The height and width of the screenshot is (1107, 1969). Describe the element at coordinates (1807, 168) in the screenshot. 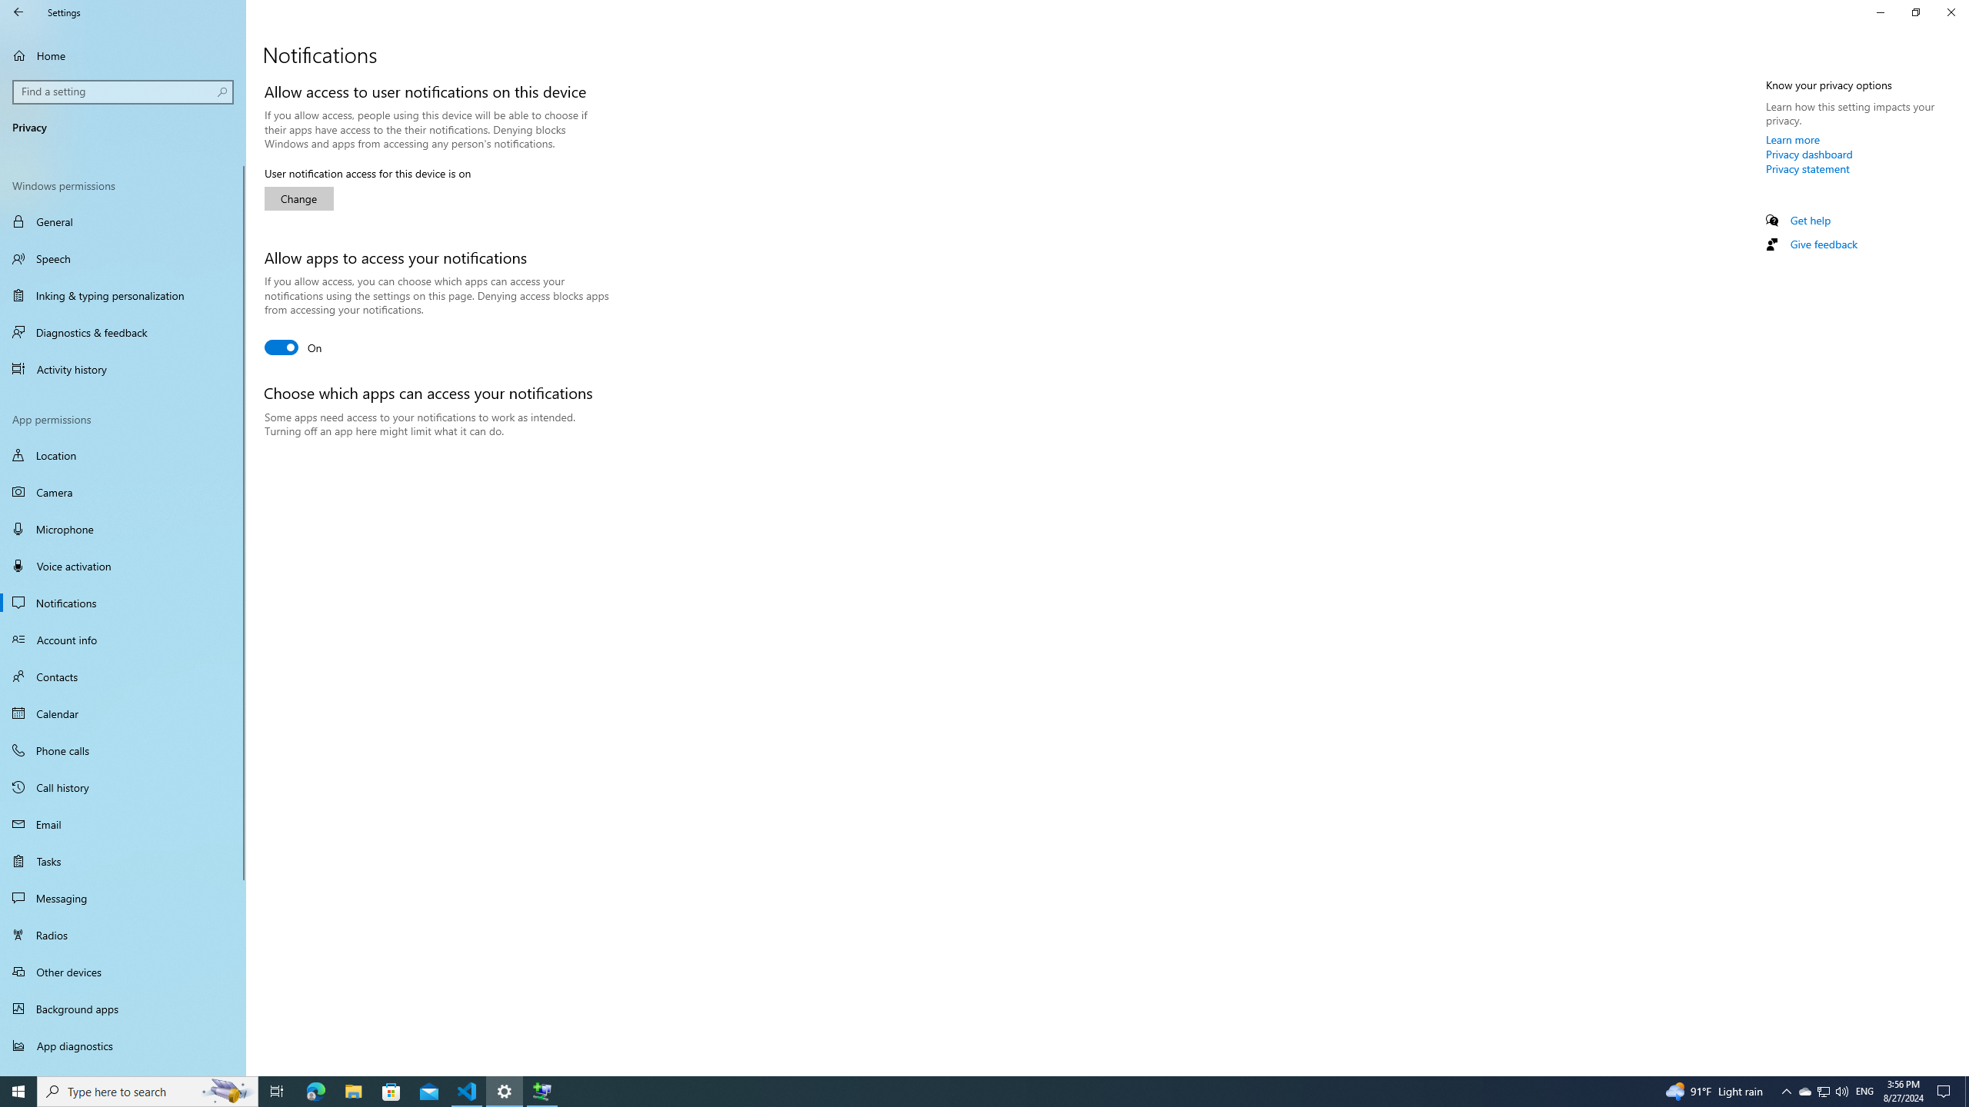

I see `'Privacy statement'` at that location.